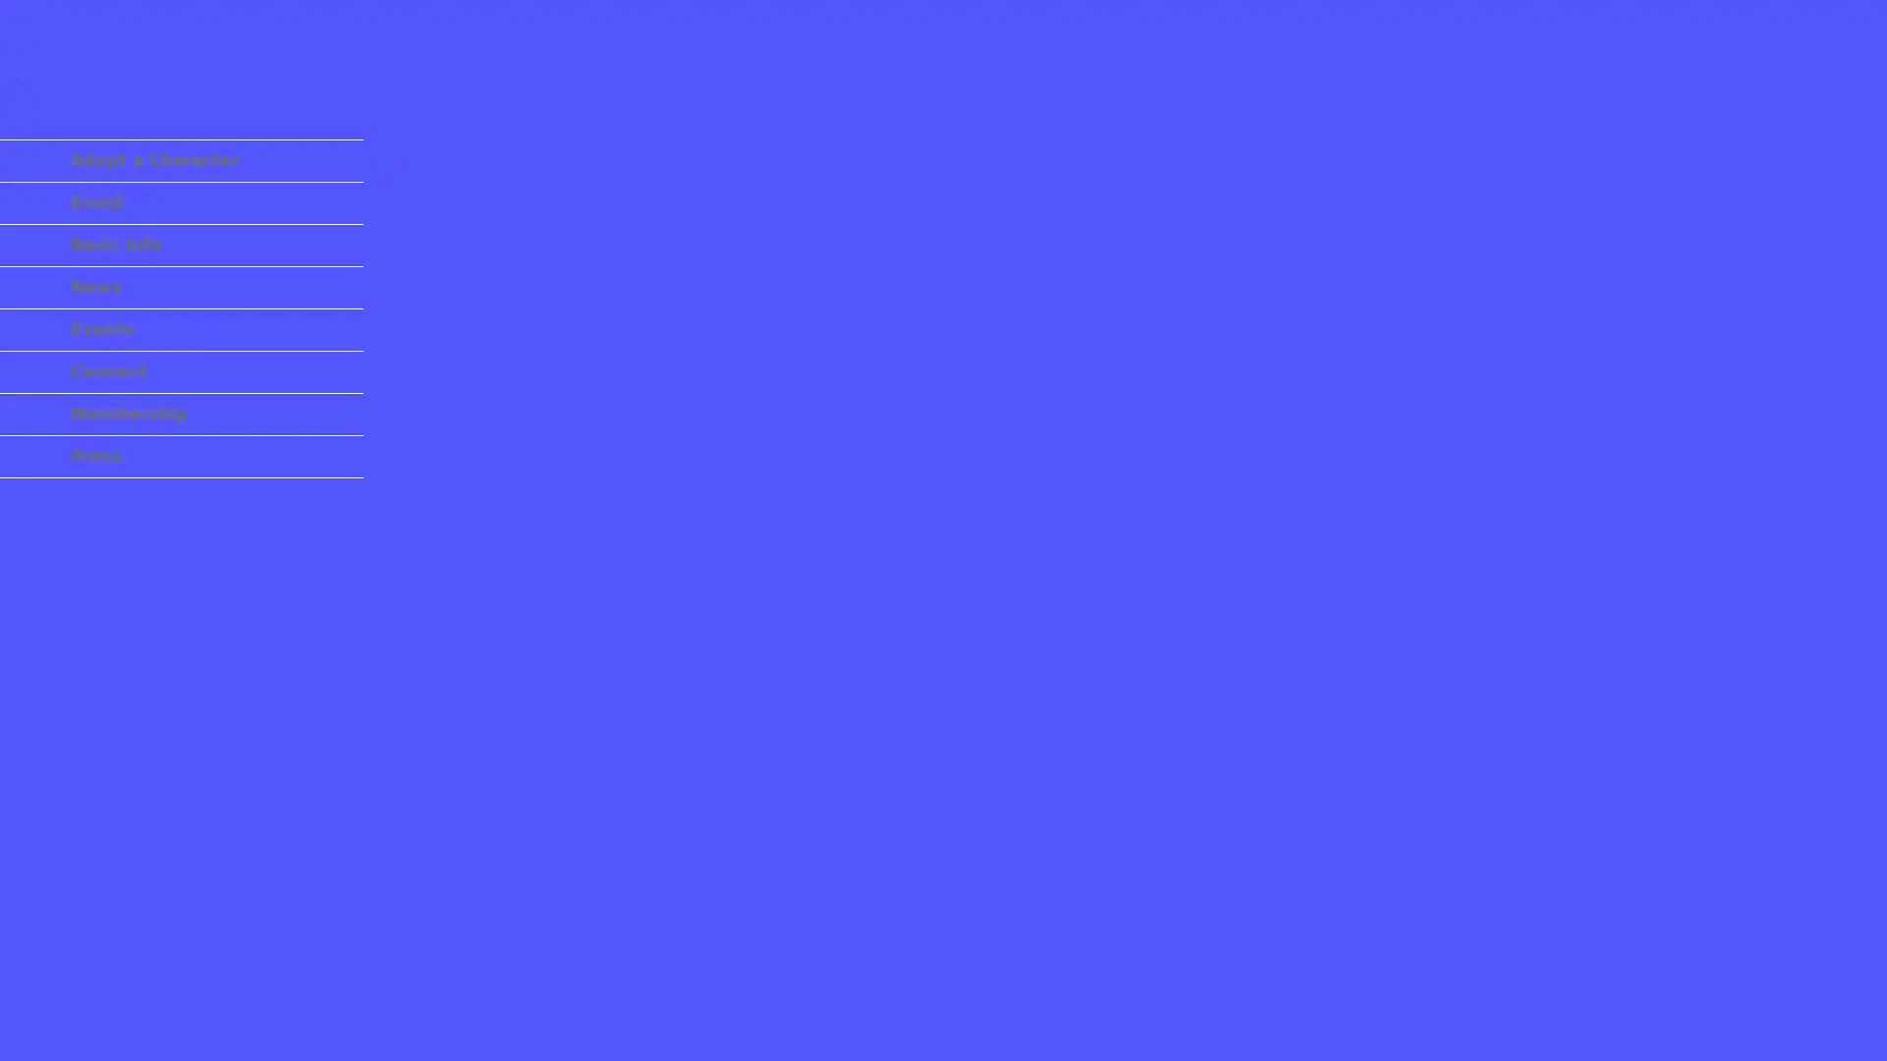  I want to click on 3 U+FF13, so click(1509, 842).